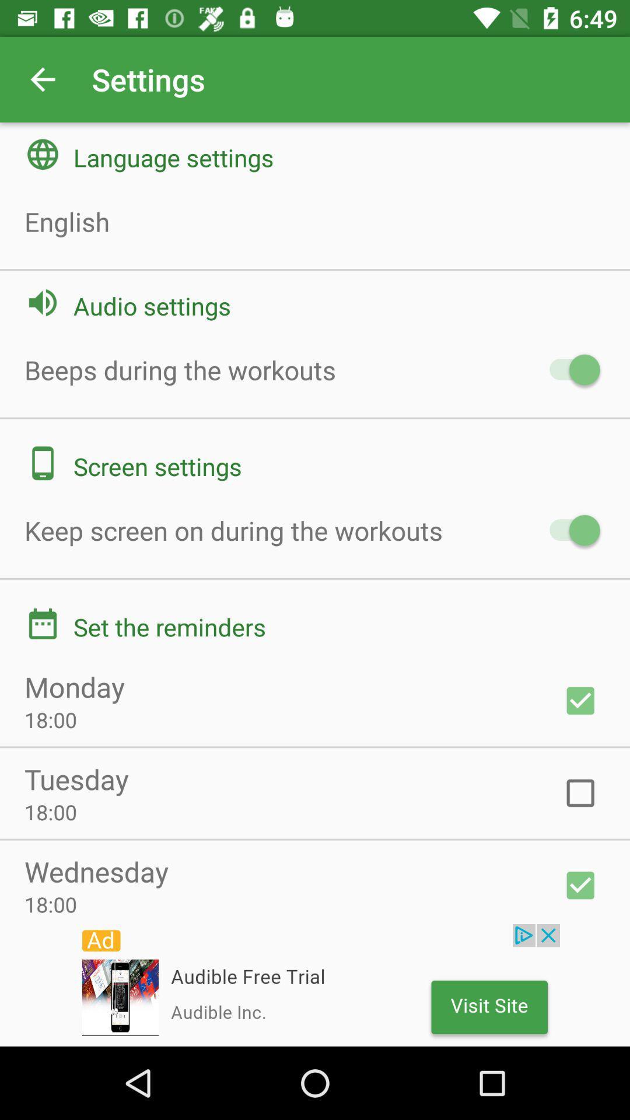 Image resolution: width=630 pixels, height=1120 pixels. I want to click on advertisement about audible inc, so click(315, 985).